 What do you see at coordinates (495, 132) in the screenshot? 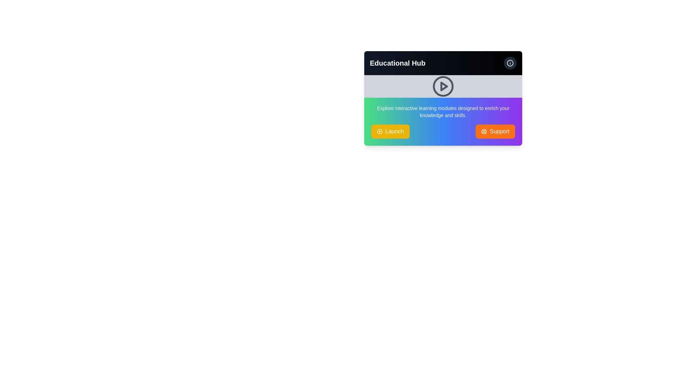
I see `the orange rounded rectangular button labeled 'Support' with a life buoy icon` at bounding box center [495, 132].